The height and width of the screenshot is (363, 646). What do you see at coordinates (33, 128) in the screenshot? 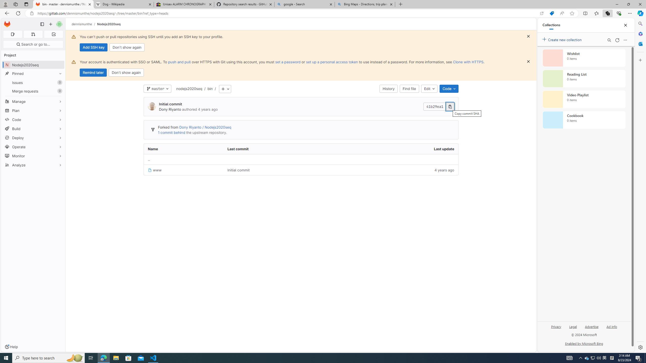
I see `'Build'` at bounding box center [33, 128].